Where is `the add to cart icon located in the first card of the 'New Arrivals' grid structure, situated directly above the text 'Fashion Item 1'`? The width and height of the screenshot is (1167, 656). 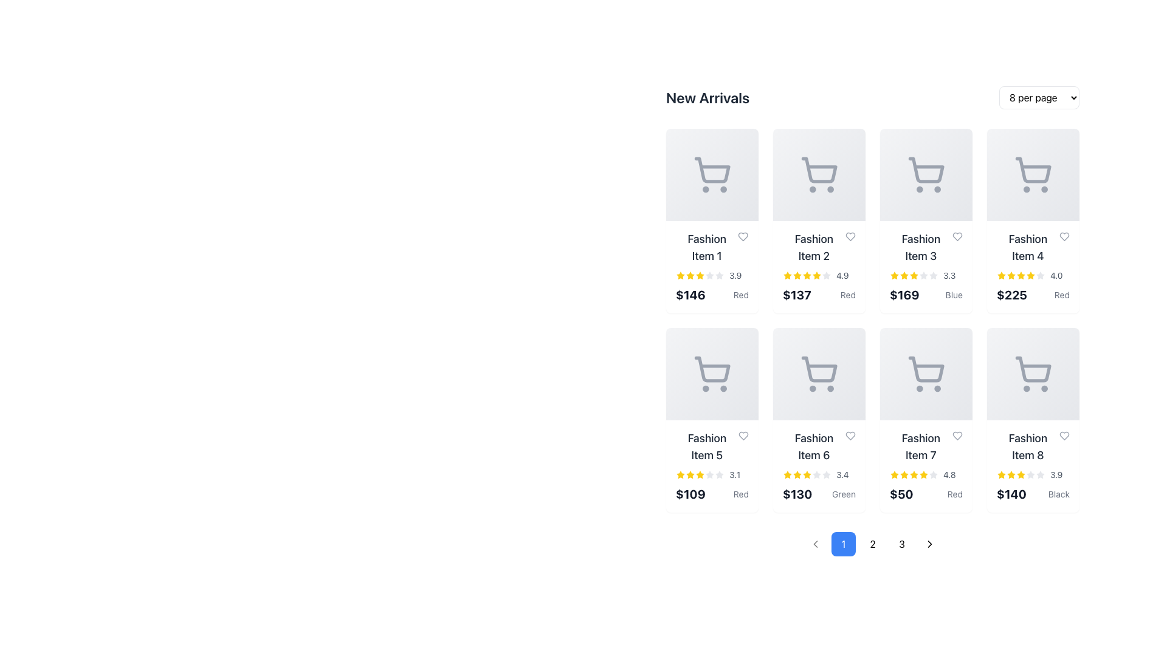 the add to cart icon located in the first card of the 'New Arrivals' grid structure, situated directly above the text 'Fashion Item 1' is located at coordinates (712, 175).